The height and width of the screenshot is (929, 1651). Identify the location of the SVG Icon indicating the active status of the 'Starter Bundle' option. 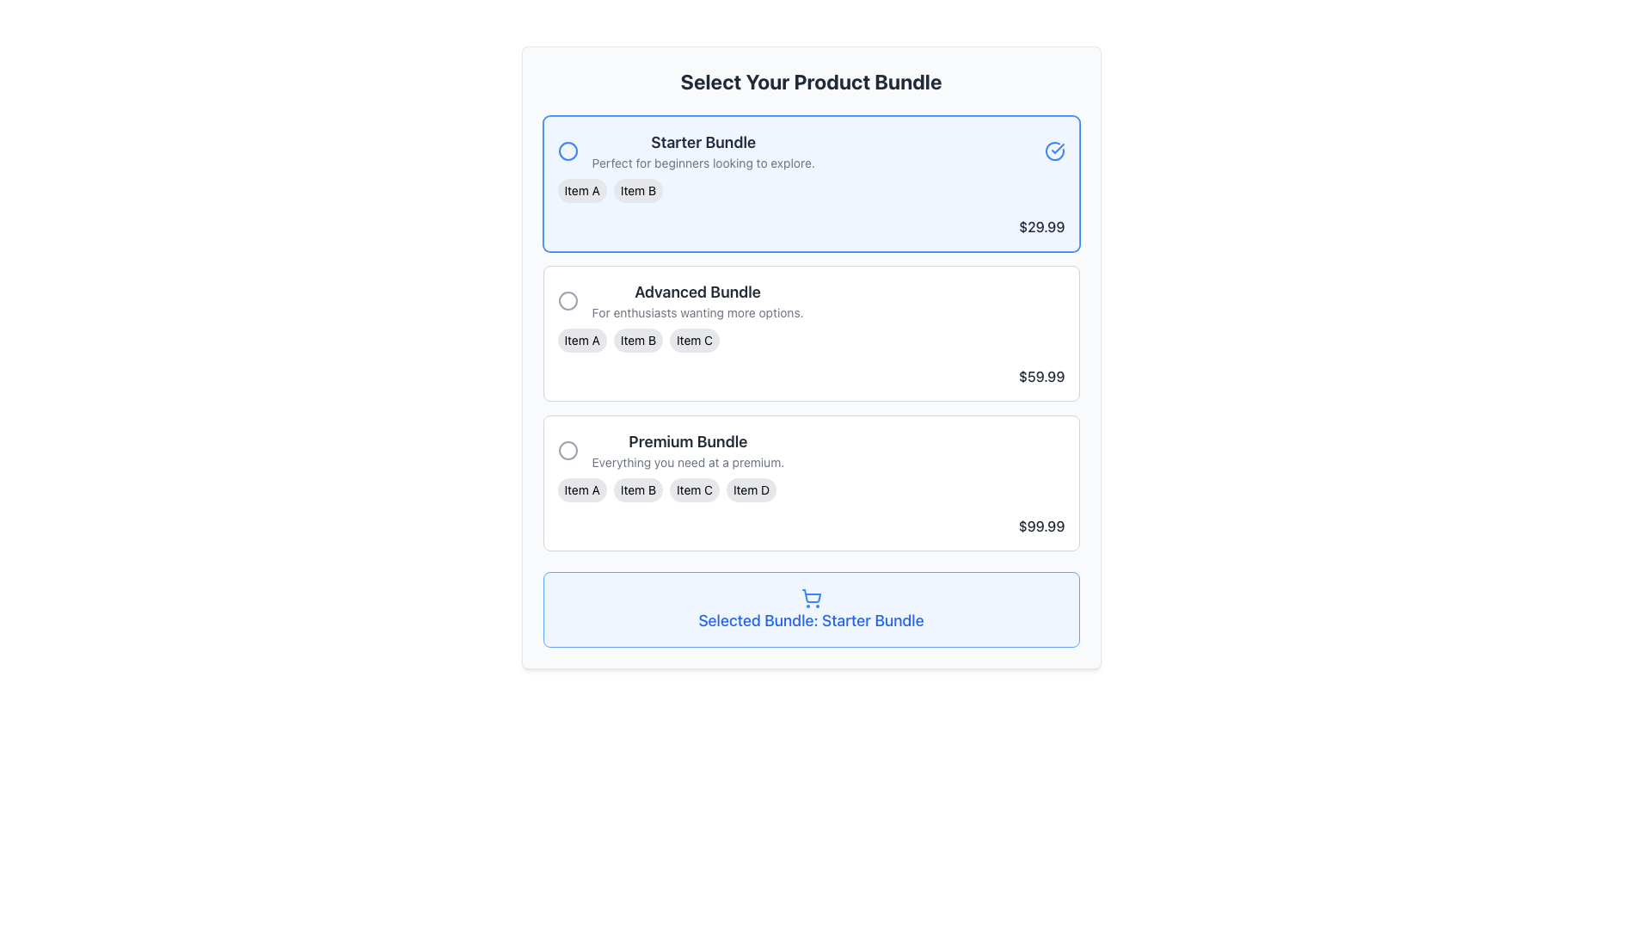
(568, 151).